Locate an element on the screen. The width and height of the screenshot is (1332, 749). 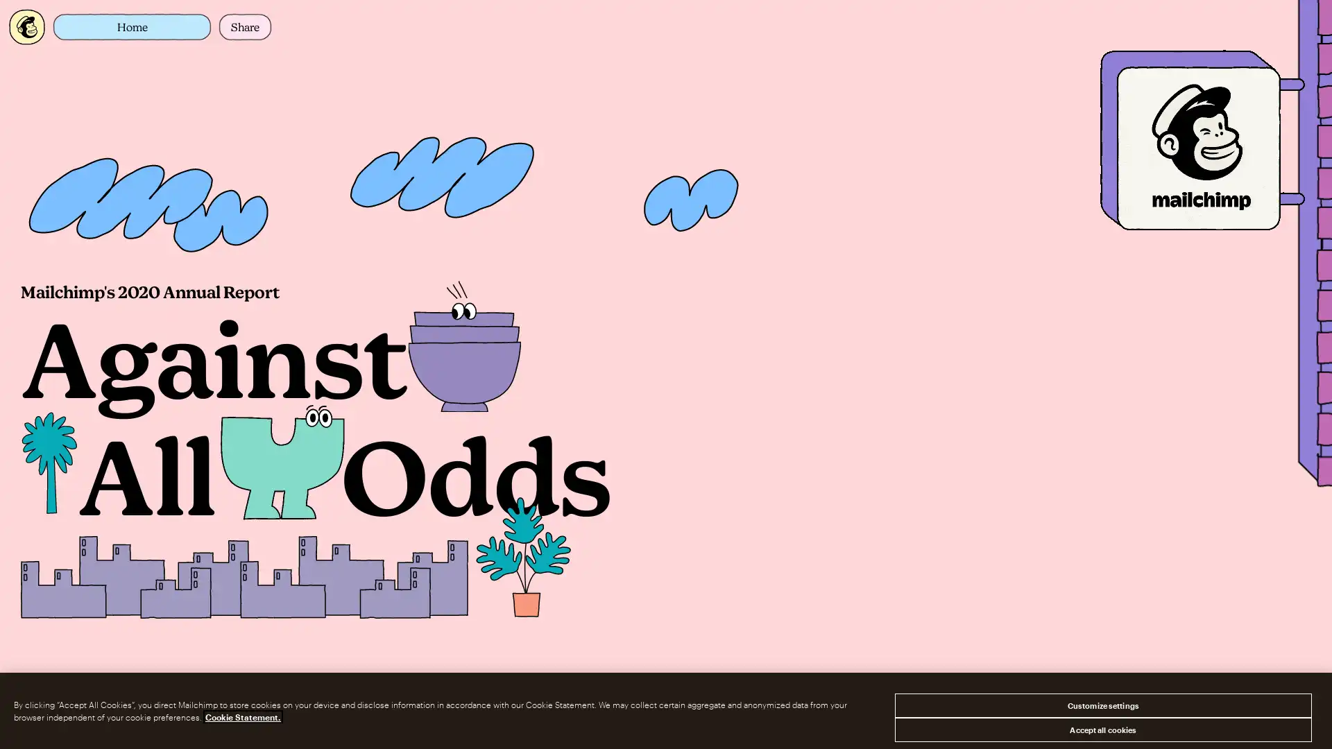
Share is located at coordinates (245, 26).